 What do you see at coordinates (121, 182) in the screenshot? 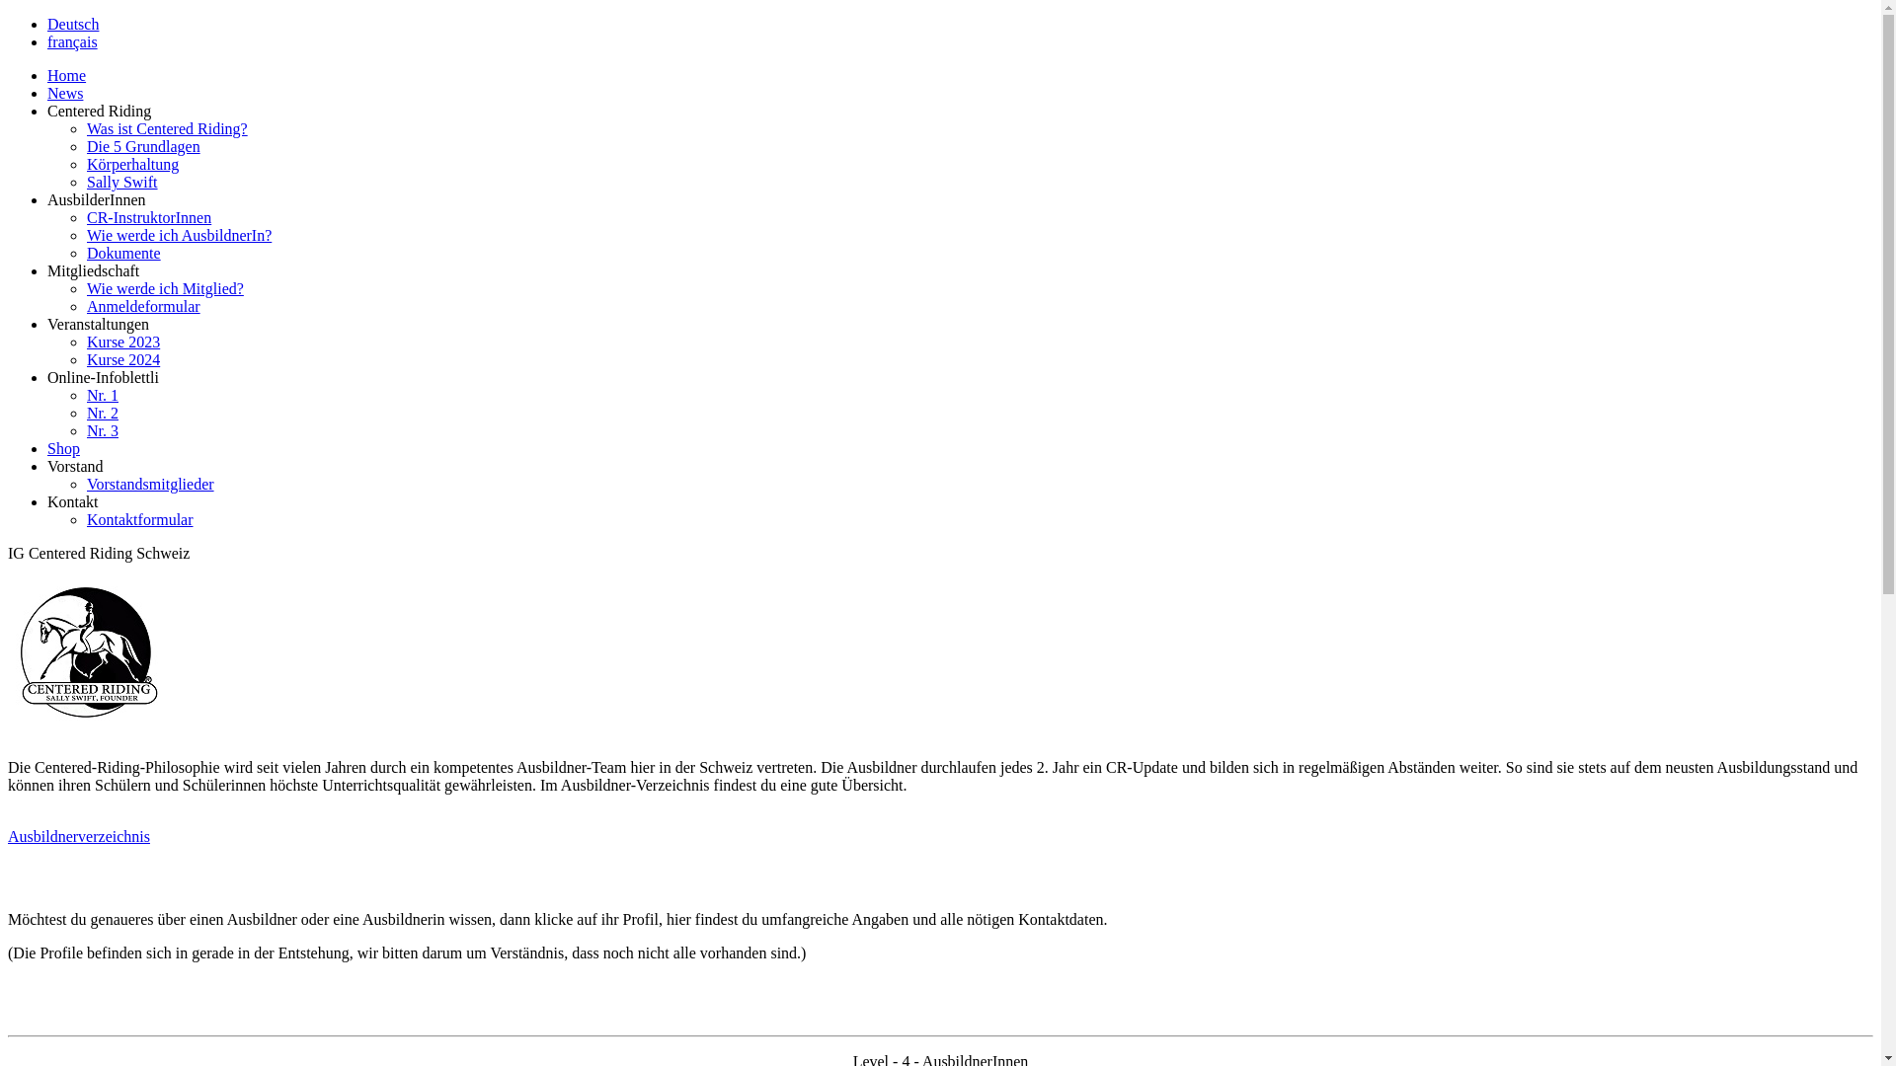
I see `'Sally Swift'` at bounding box center [121, 182].